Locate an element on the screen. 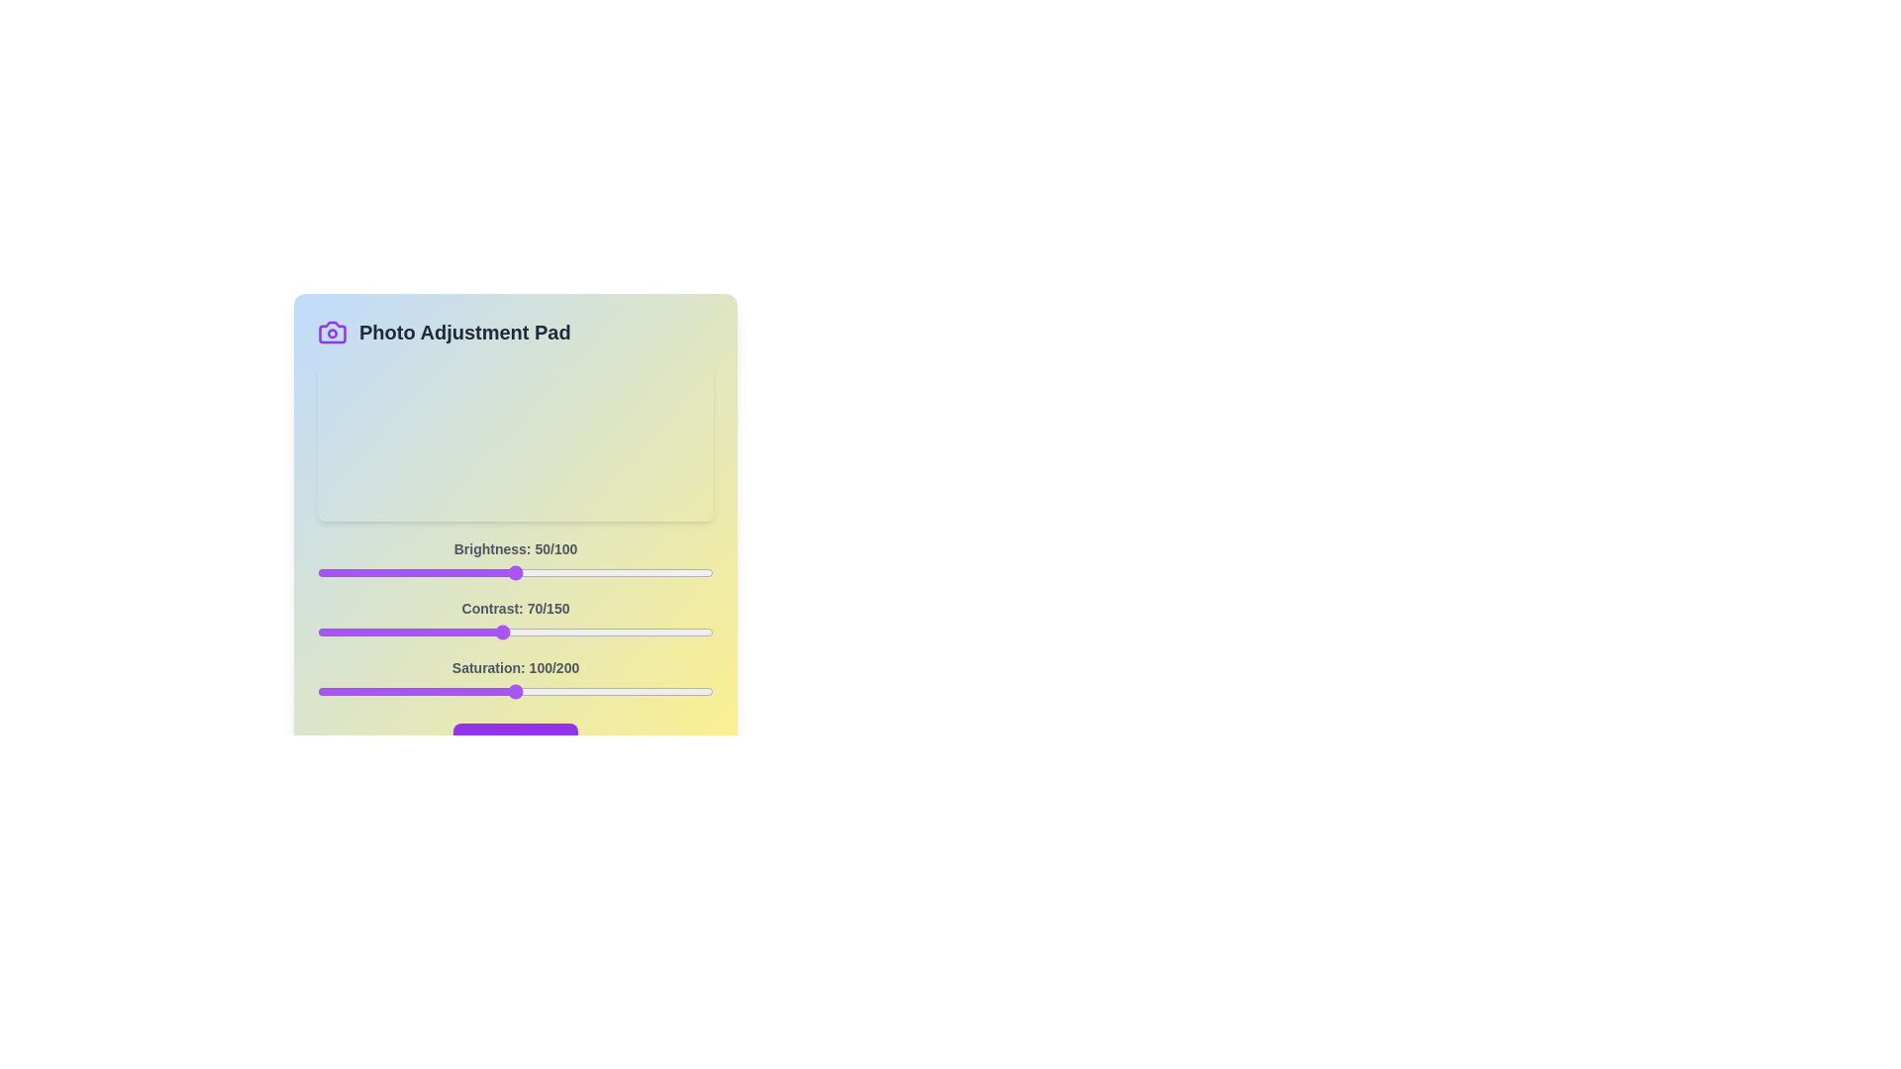 The height and width of the screenshot is (1069, 1901). the 0 slider to 52 is located at coordinates (523, 572).